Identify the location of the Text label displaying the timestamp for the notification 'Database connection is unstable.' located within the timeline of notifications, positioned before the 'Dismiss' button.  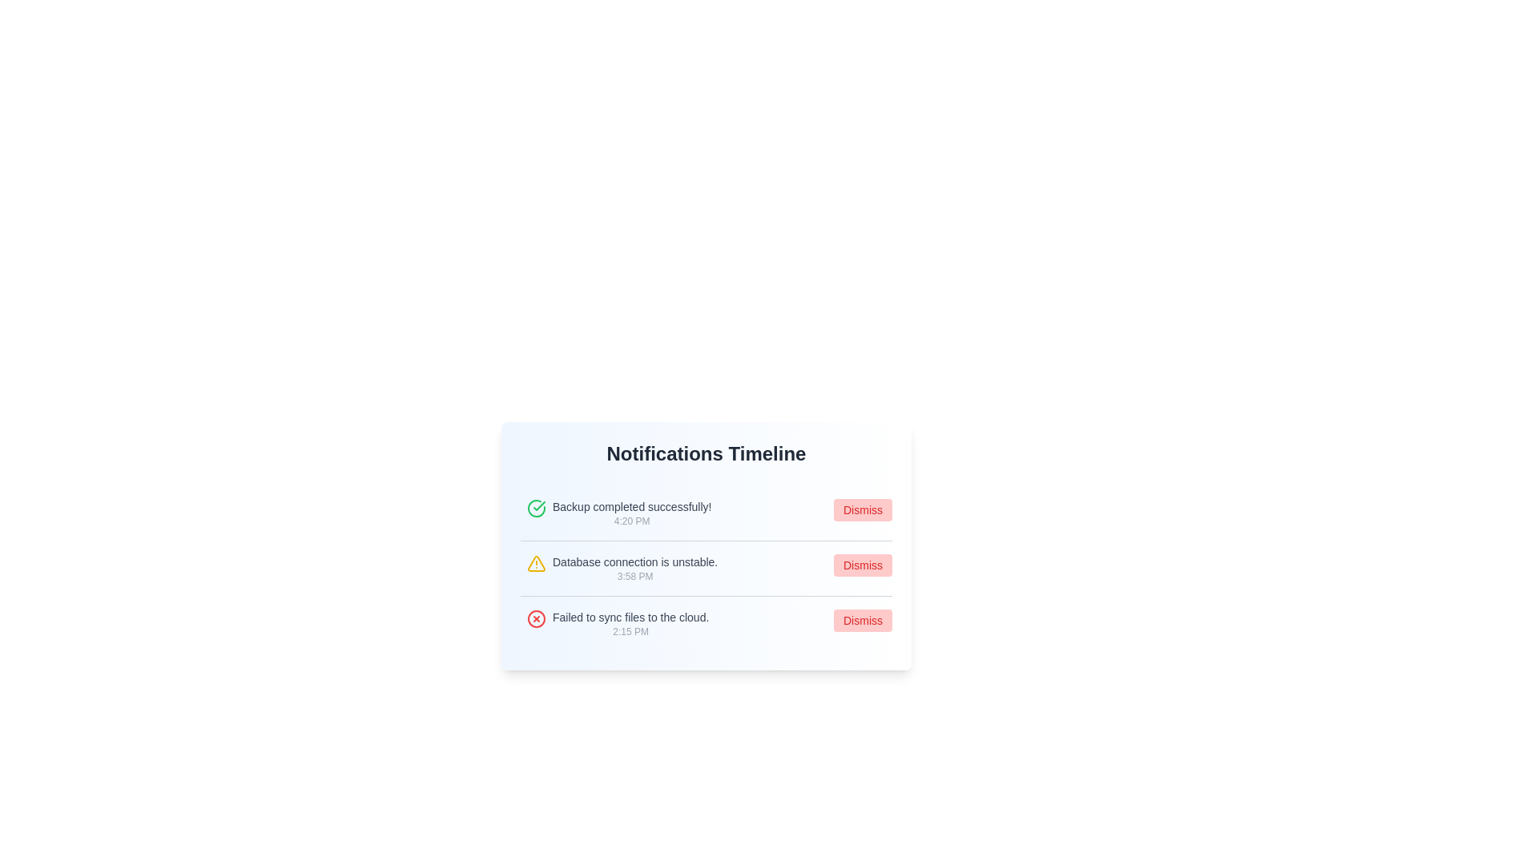
(634, 577).